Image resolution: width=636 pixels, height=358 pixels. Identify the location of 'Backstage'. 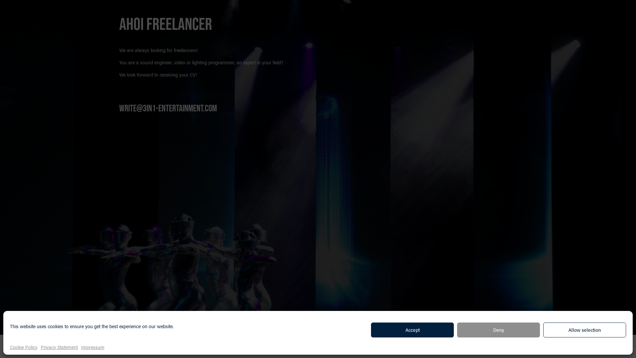
(133, 346).